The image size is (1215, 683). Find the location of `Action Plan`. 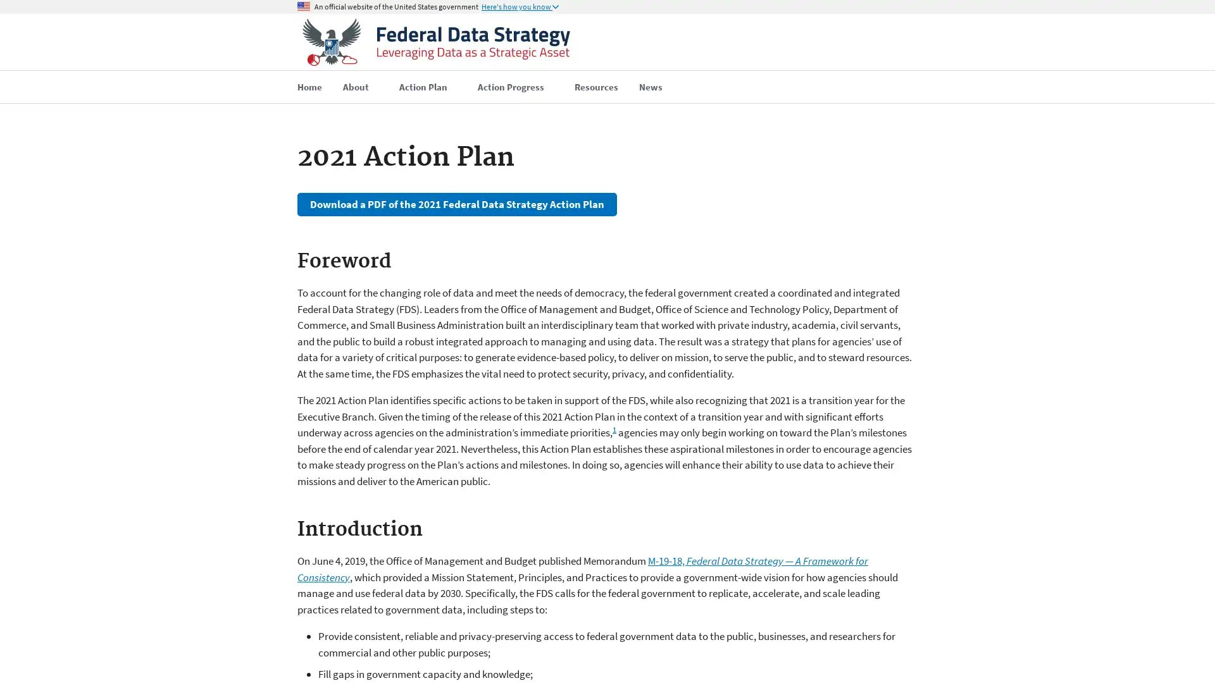

Action Plan is located at coordinates (428, 86).